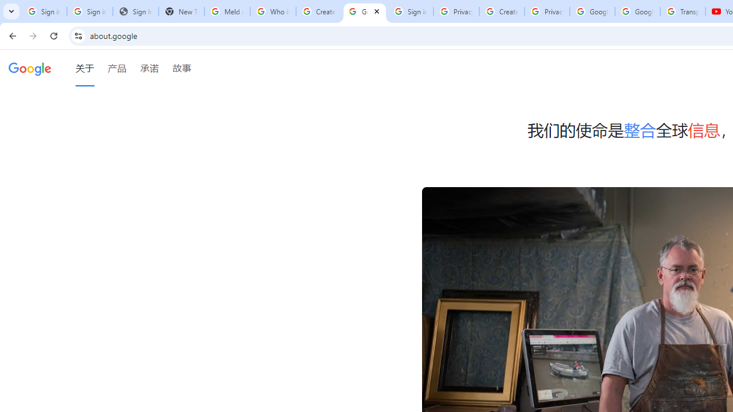 The image size is (733, 412). I want to click on 'Who is my administrator? - Google Account Help', so click(272, 11).